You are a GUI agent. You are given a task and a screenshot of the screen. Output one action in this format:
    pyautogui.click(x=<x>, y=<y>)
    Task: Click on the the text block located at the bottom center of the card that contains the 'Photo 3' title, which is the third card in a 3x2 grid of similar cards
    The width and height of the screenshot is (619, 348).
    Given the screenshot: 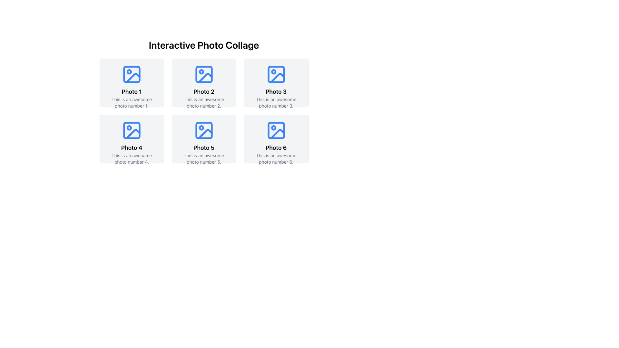 What is the action you would take?
    pyautogui.click(x=276, y=102)
    